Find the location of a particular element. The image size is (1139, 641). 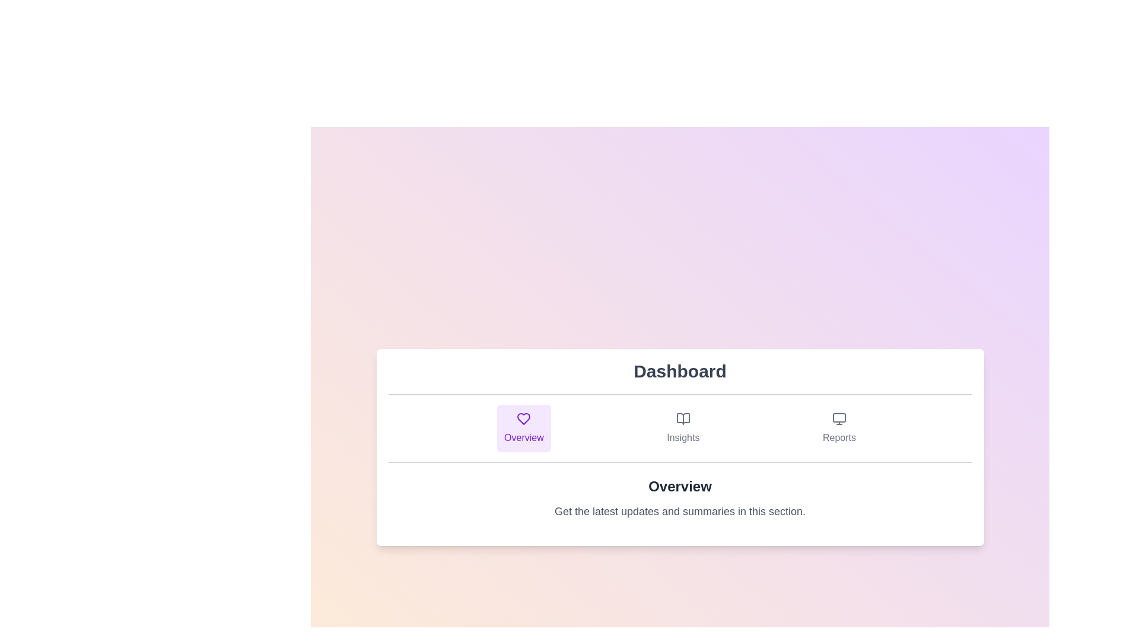

the Reports tab by clicking on its button is located at coordinates (838, 428).